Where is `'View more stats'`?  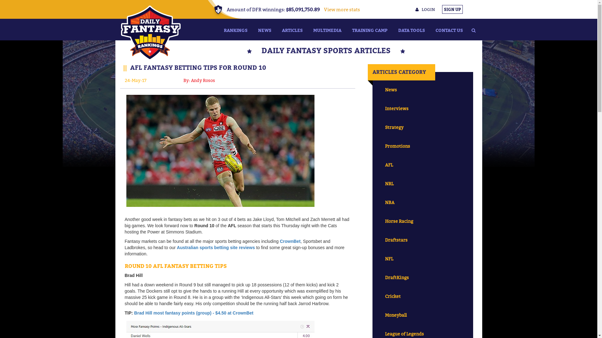 'View more stats' is located at coordinates (320, 9).